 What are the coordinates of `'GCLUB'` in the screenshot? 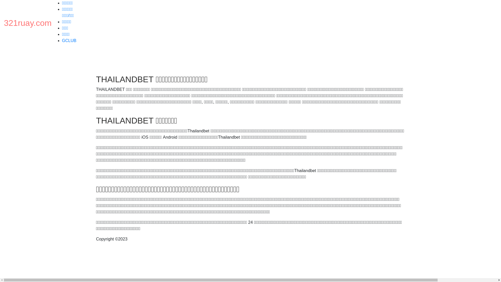 It's located at (69, 40).